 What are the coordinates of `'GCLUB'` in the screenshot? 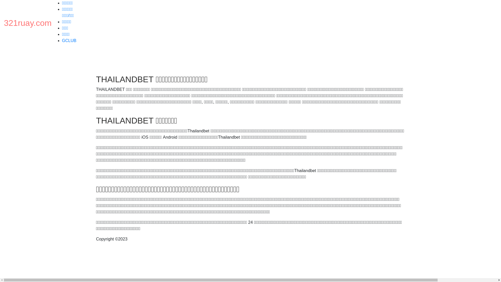 It's located at (69, 40).